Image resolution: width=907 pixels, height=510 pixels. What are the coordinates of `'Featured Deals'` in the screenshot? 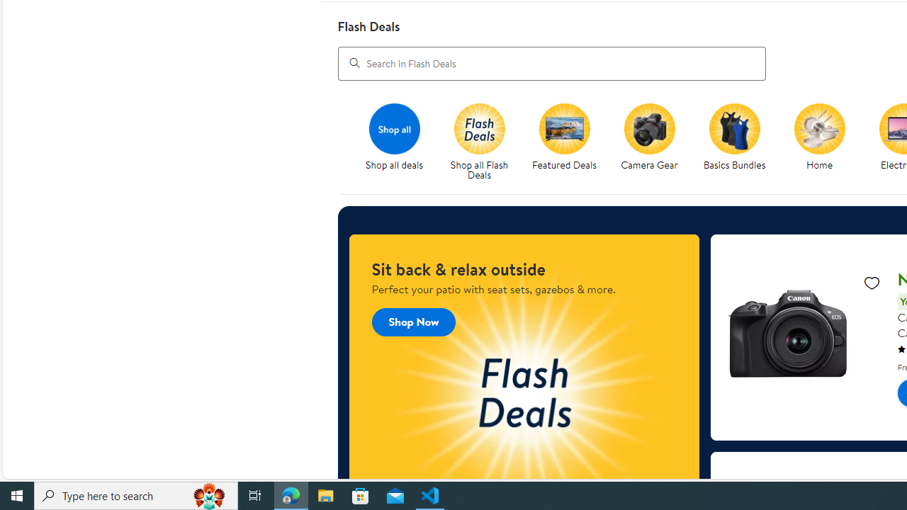 It's located at (563, 128).